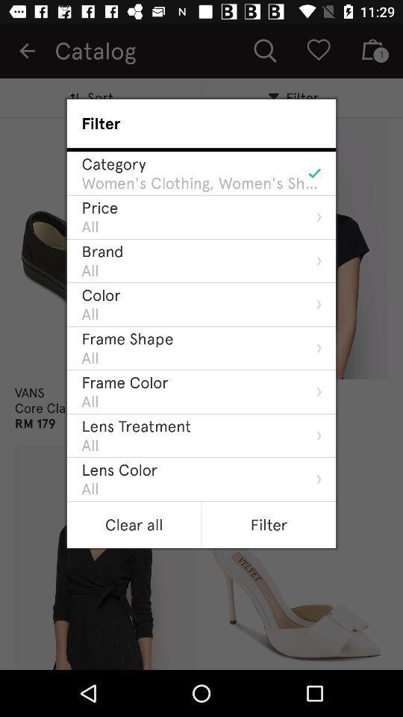  I want to click on the frame shape, so click(128, 338).